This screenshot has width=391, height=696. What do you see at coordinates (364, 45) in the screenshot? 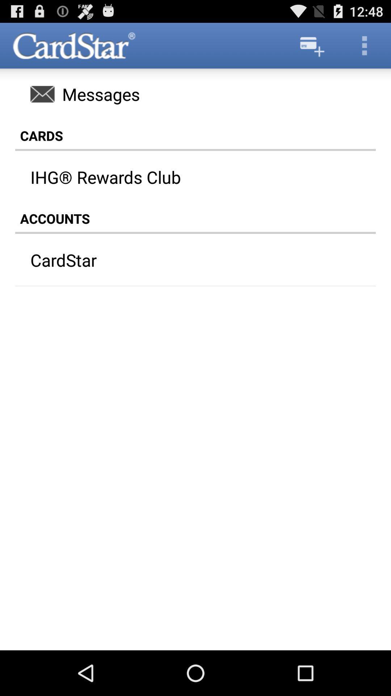
I see `the app above messages` at bounding box center [364, 45].